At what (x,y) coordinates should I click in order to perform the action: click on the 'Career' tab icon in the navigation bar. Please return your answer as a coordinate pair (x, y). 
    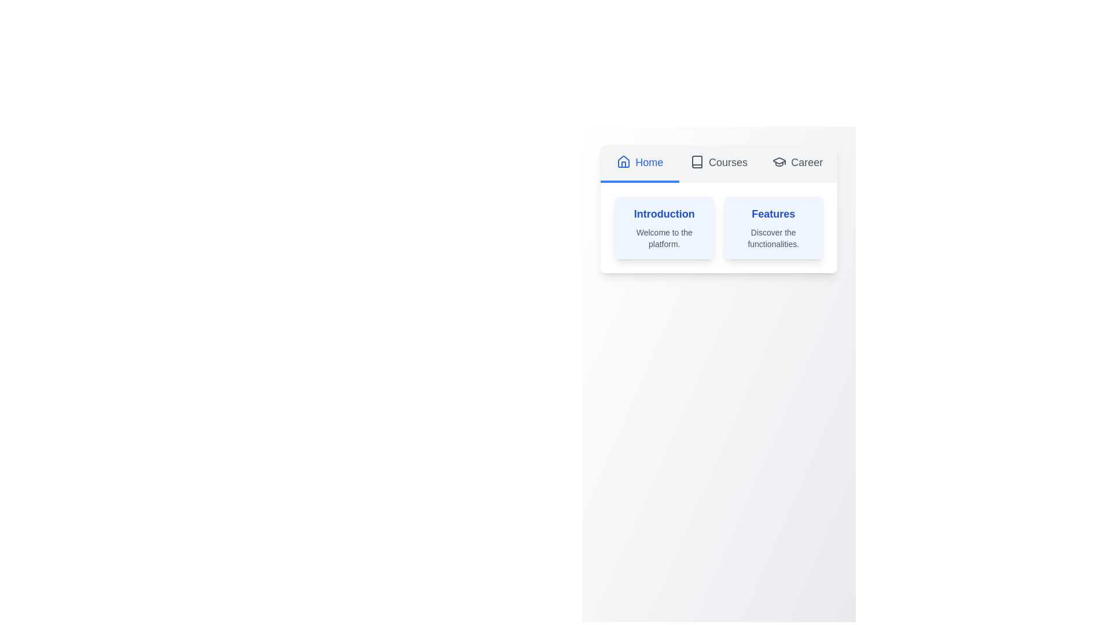
    Looking at the image, I should click on (779, 162).